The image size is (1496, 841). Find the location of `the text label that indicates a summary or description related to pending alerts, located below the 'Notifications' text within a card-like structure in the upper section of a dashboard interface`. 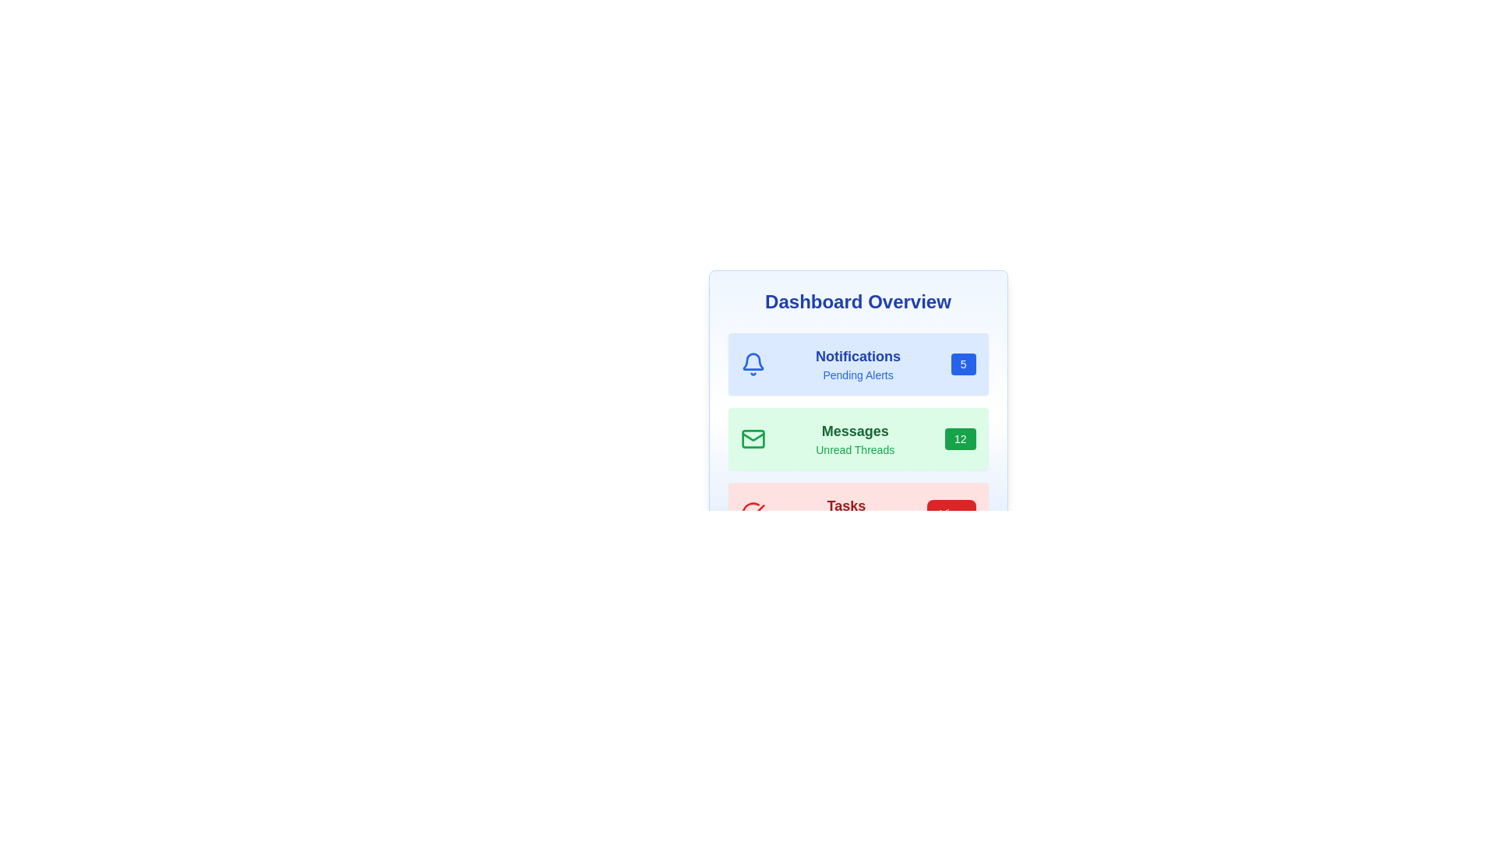

the text label that indicates a summary or description related to pending alerts, located below the 'Notifications' text within a card-like structure in the upper section of a dashboard interface is located at coordinates (857, 375).